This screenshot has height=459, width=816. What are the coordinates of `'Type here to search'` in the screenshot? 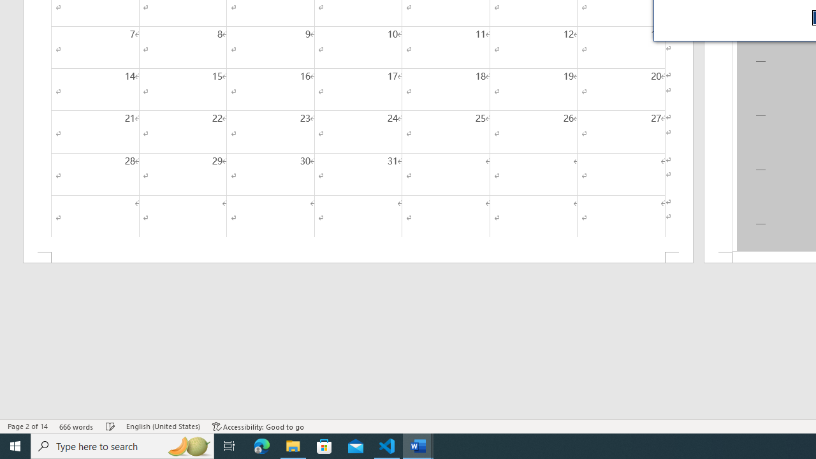 It's located at (122, 445).